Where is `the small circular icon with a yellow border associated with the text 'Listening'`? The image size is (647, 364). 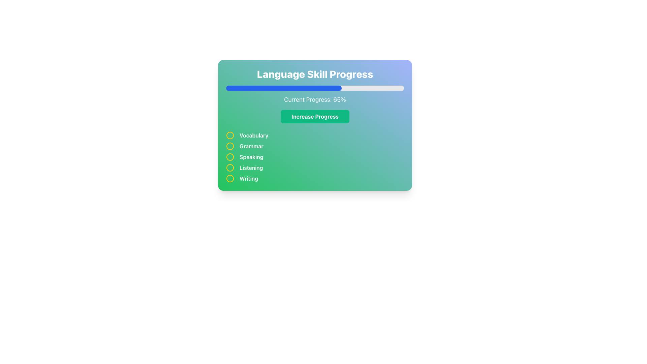 the small circular icon with a yellow border associated with the text 'Listening' is located at coordinates (230, 167).